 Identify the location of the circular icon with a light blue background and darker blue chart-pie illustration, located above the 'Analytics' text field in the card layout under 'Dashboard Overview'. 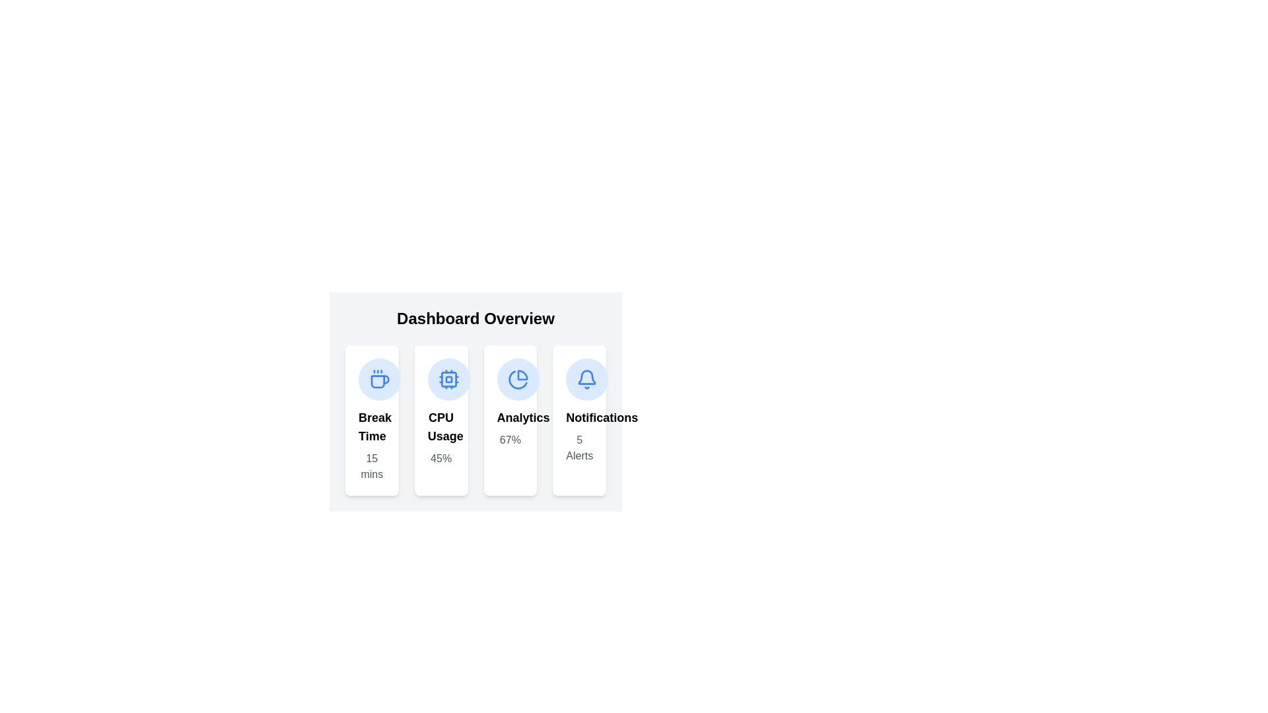
(517, 379).